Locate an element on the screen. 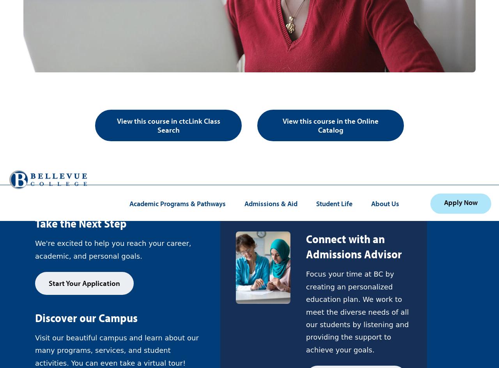 This screenshot has height=368, width=499. '(425) 564-1000' is located at coordinates (217, 100).